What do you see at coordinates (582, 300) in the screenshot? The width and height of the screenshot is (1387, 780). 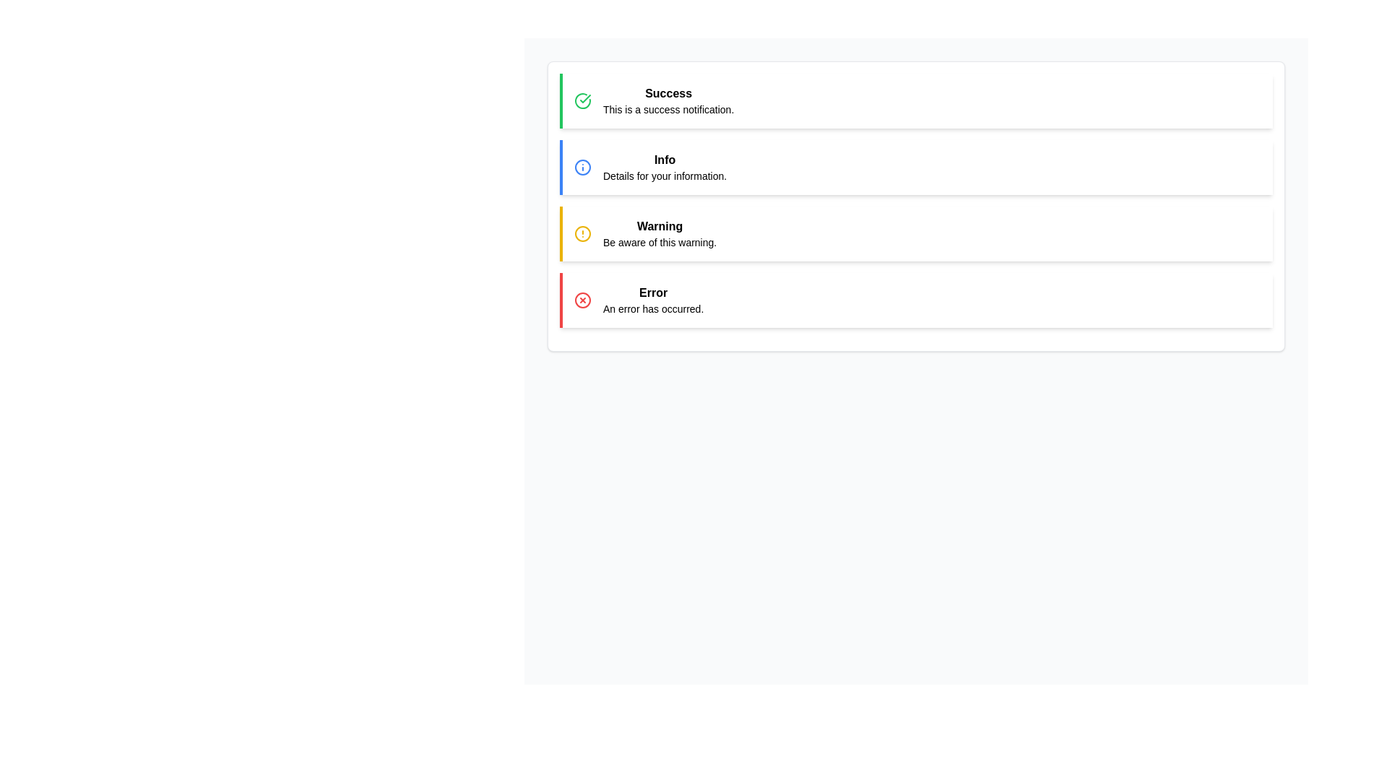 I see `the Circle (Graphical SVG Element) that forms part of the error icon in the bottom-most 'Error' notification card, located near the text 'An error has occurred.'` at bounding box center [582, 300].